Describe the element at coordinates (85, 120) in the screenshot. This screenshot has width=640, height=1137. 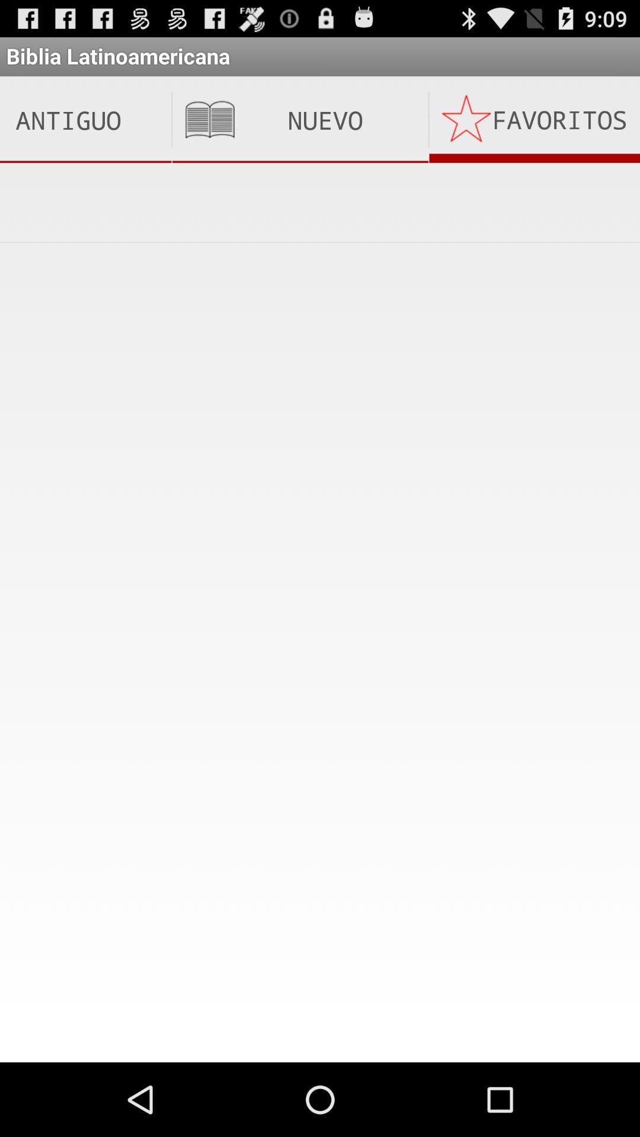
I see `the antiguo testamento item` at that location.